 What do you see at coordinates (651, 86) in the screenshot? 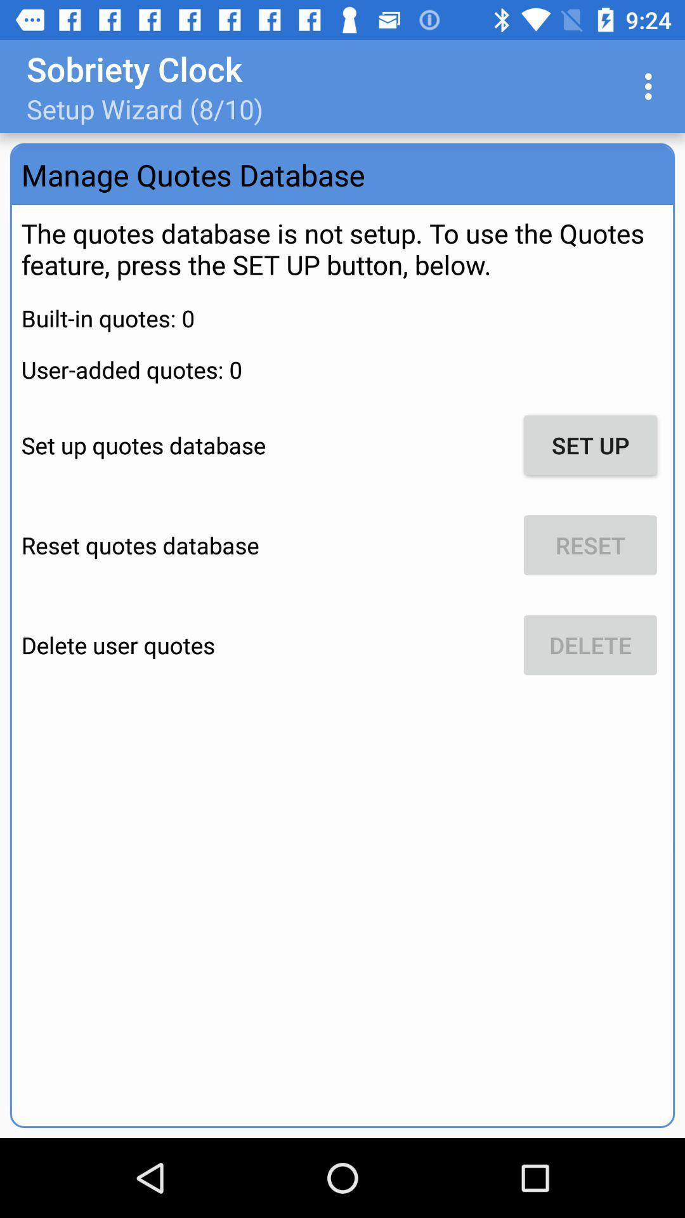
I see `item next to setup wizard 8` at bounding box center [651, 86].